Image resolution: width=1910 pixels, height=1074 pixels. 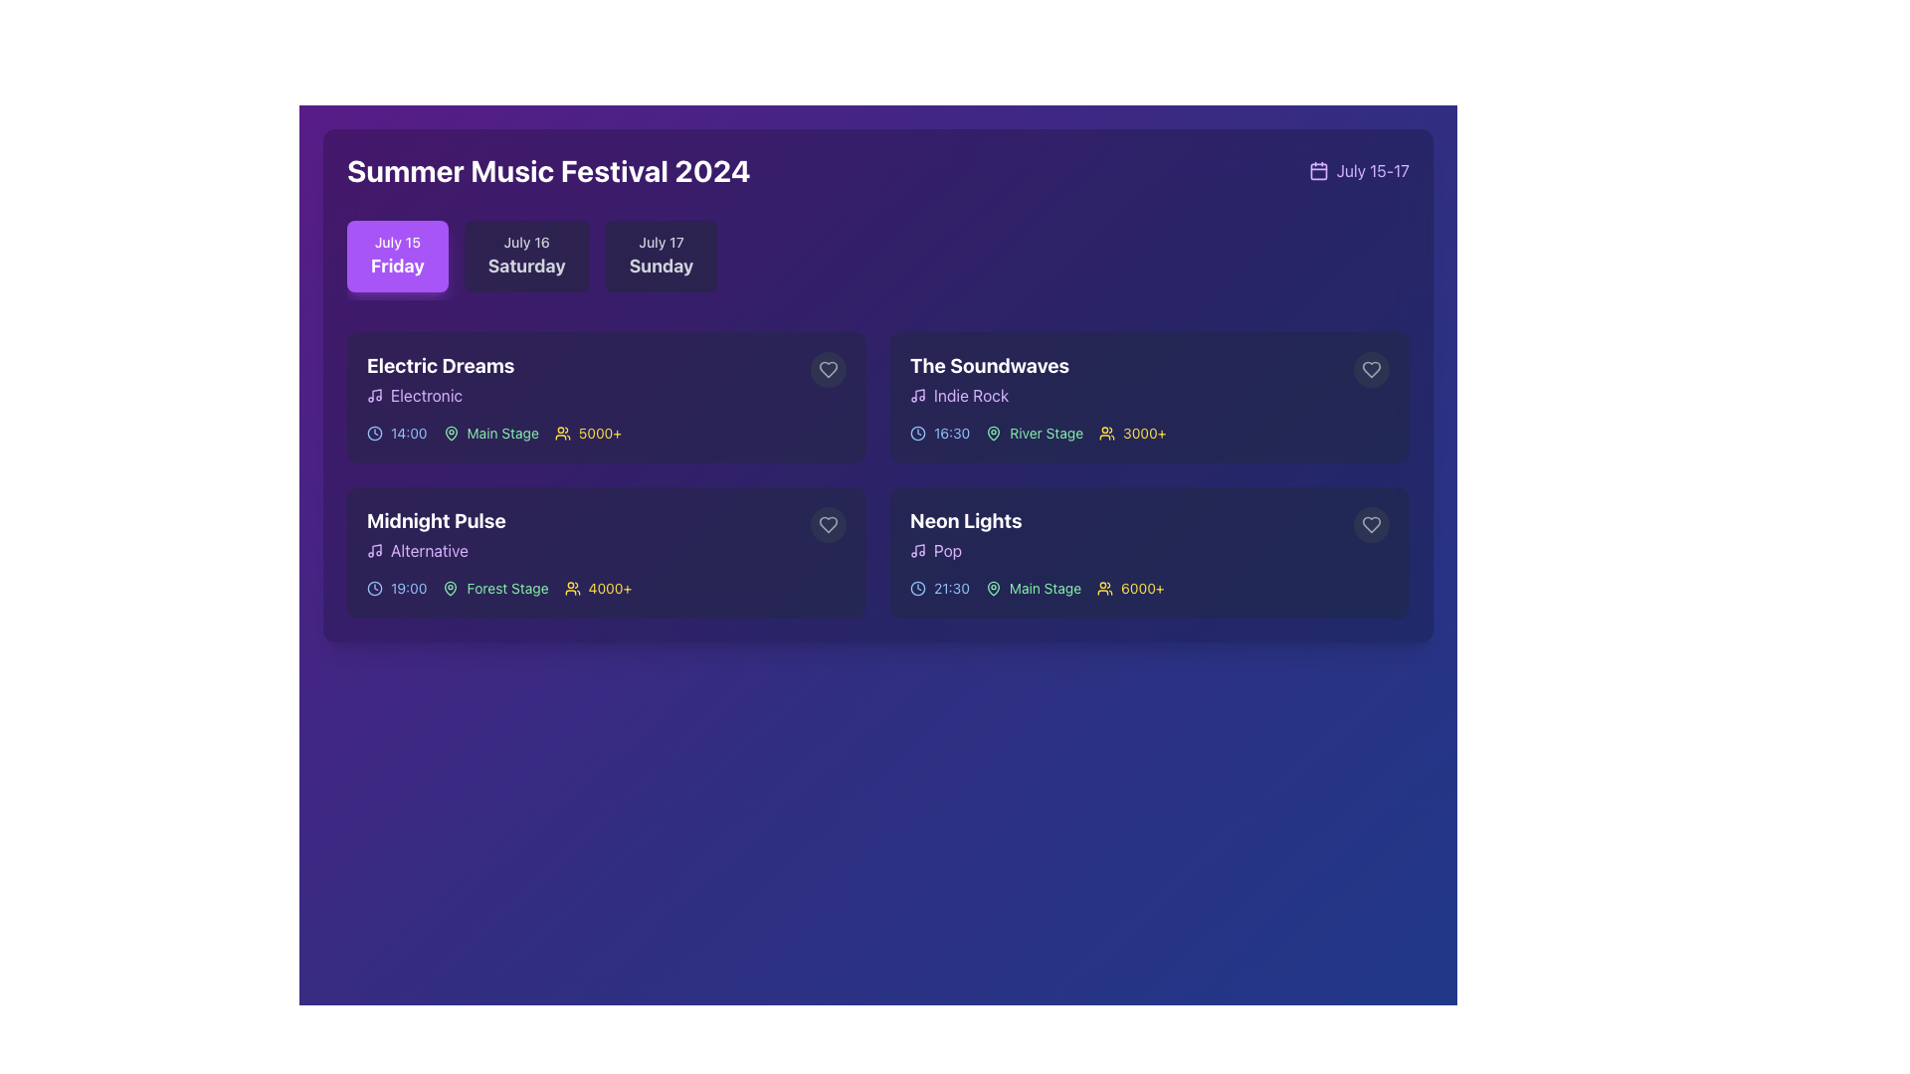 What do you see at coordinates (1142, 587) in the screenshot?
I see `the attendee count label located in the bottom-right card labeled 'Neon Lights', which is positioned to the right of the user icon and aligns horizontally with the event's performance time and stage information` at bounding box center [1142, 587].